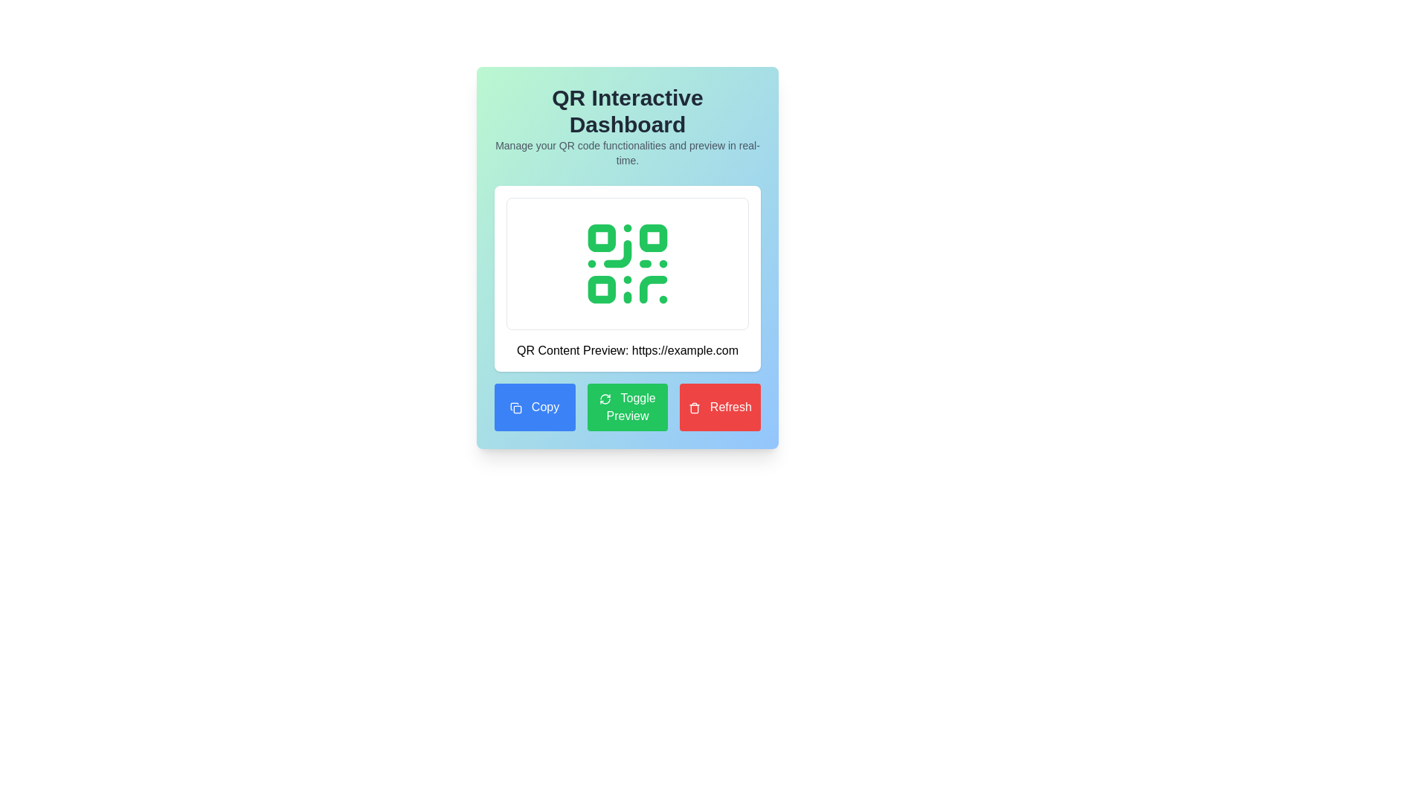 The height and width of the screenshot is (803, 1428). I want to click on the red button that contains the trash can icon, which is located to the left of the 'Refresh' text in the lower right corner of the interface, so click(694, 407).